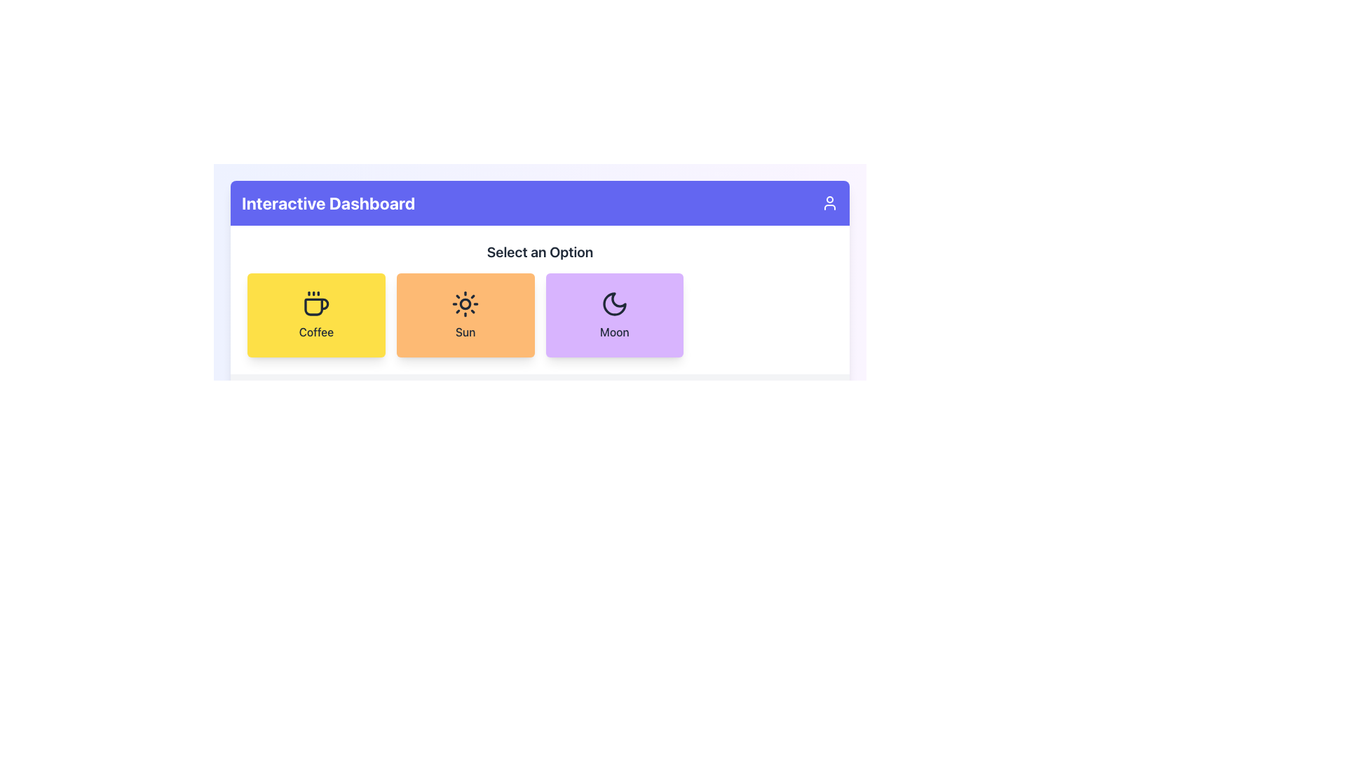 Image resolution: width=1346 pixels, height=757 pixels. What do you see at coordinates (614, 304) in the screenshot?
I see `the 'Moon' theme icon located at the rightmost position of three horizontal buttons` at bounding box center [614, 304].